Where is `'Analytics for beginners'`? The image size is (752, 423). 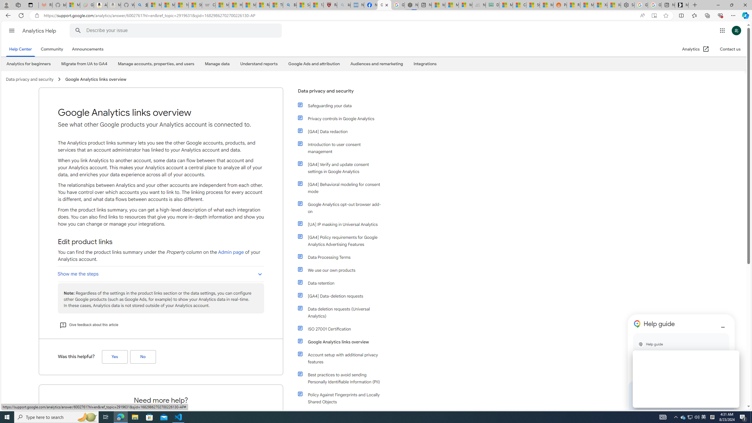
'Analytics for beginners' is located at coordinates (28, 64).